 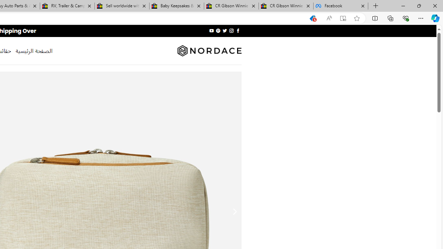 I want to click on 'Split screen', so click(x=374, y=18).